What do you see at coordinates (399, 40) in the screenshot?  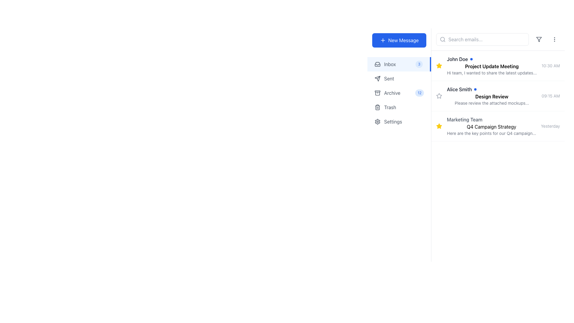 I see `the vibrant blue 'New Message' button with a '+' icon to compose a new message` at bounding box center [399, 40].